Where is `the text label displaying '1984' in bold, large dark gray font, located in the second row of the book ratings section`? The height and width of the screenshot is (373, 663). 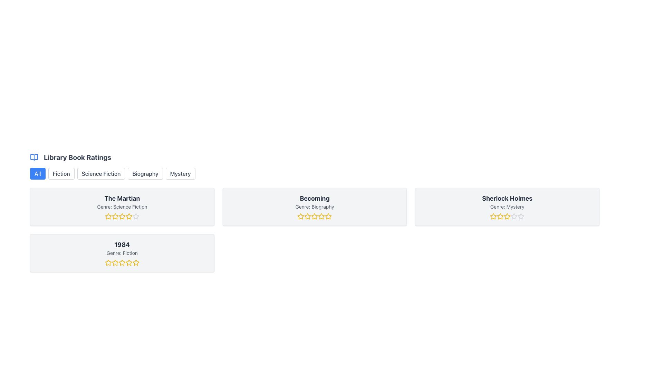
the text label displaying '1984' in bold, large dark gray font, located in the second row of the book ratings section is located at coordinates (122, 245).